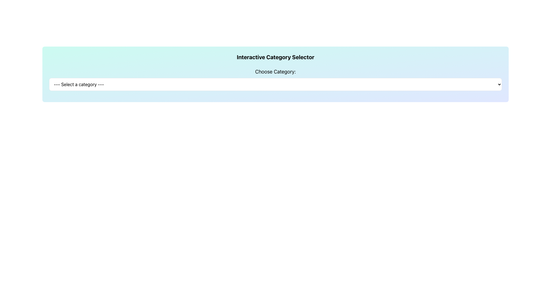  What do you see at coordinates (275, 57) in the screenshot?
I see `the Text Label that serves as a title or header for the interactive category selection interface, located centrally above the 'Choose Category:' label and dropdown menu` at bounding box center [275, 57].